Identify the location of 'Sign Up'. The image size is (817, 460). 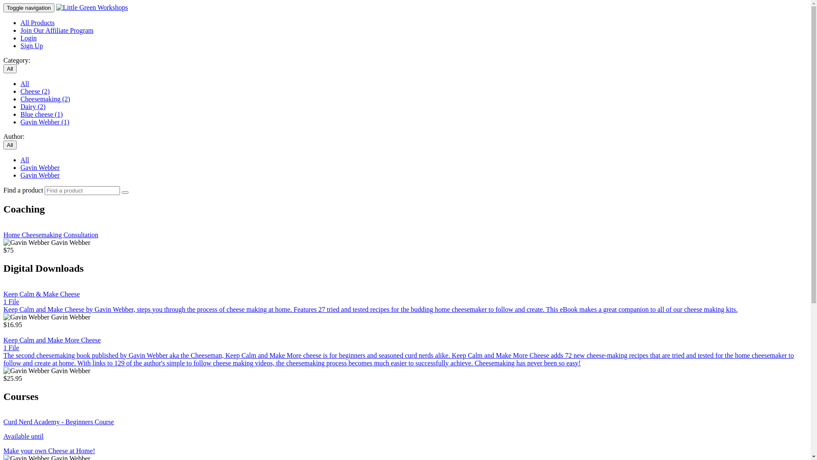
(31, 46).